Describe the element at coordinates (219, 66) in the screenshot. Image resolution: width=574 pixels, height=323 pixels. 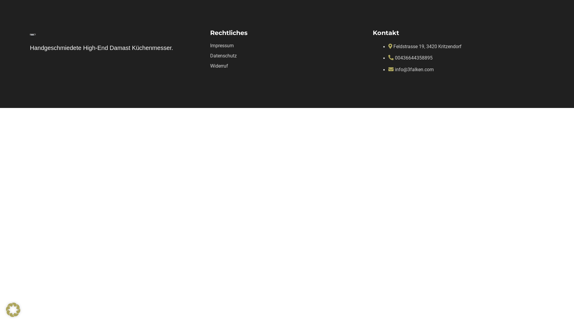
I see `'Widerruf'` at that location.